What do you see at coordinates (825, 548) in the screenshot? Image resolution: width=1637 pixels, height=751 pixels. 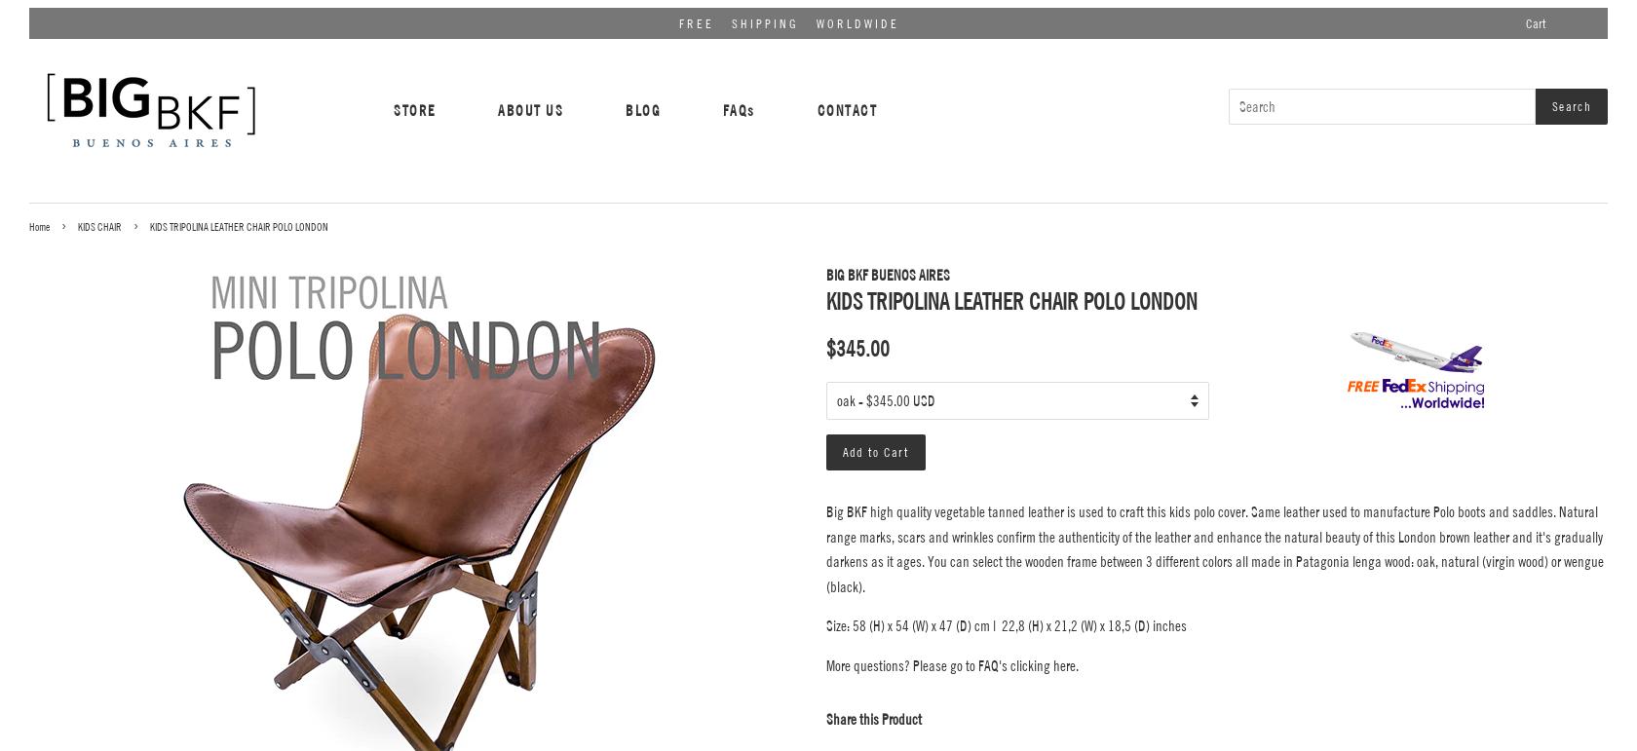 I see `'Big BKF high quality vegetable tanned leather is used to craft this kids polo cover. Same leather used to manufacture Polo boots and saddles. Natural range marks, scars and wrinkles confirm the authenticity of the leather and enhance the natural beauty of this London brown leather and it's gradually darkens as it ages. You can select the wooden frame between 3 different colors all made in Patagonia lenga wood: oak, natural (virgin wood) or wengue (black).'` at bounding box center [825, 548].